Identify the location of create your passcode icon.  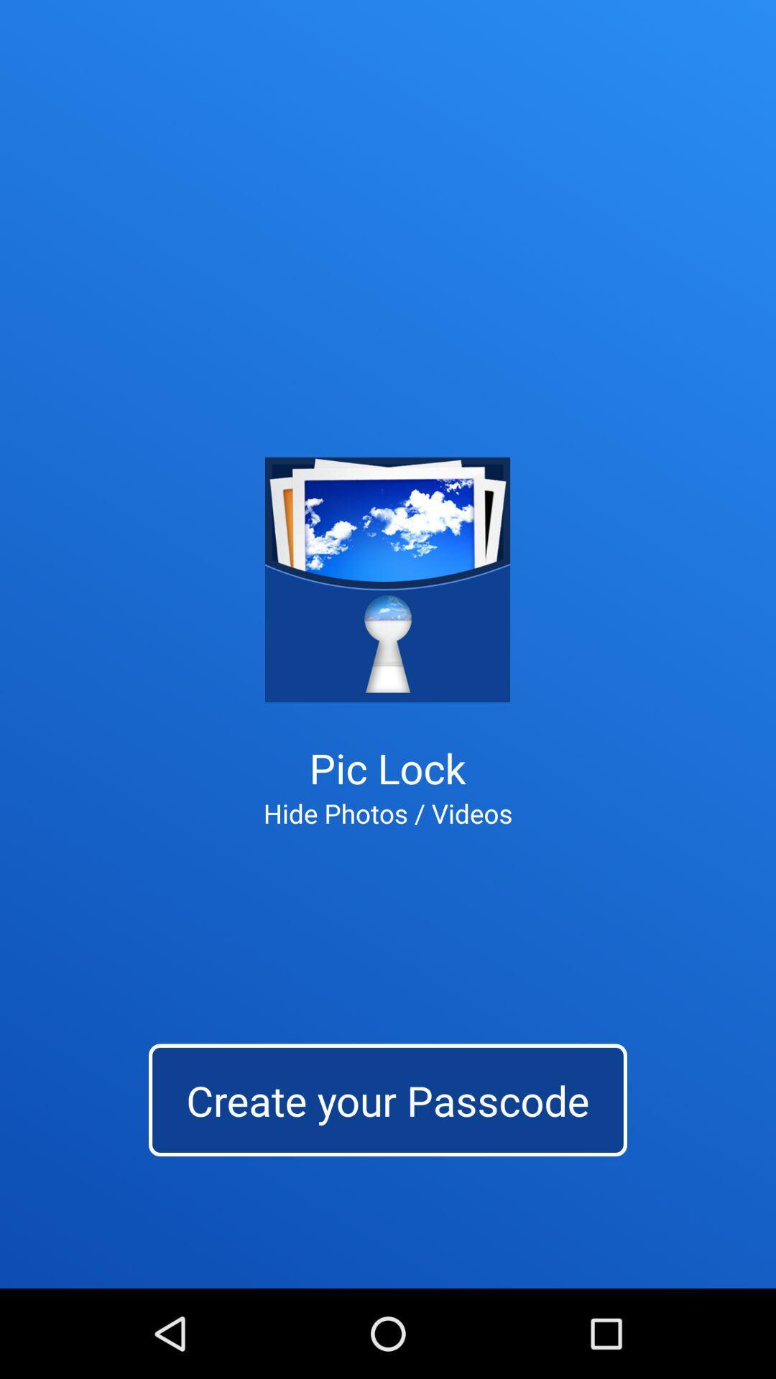
(388, 1099).